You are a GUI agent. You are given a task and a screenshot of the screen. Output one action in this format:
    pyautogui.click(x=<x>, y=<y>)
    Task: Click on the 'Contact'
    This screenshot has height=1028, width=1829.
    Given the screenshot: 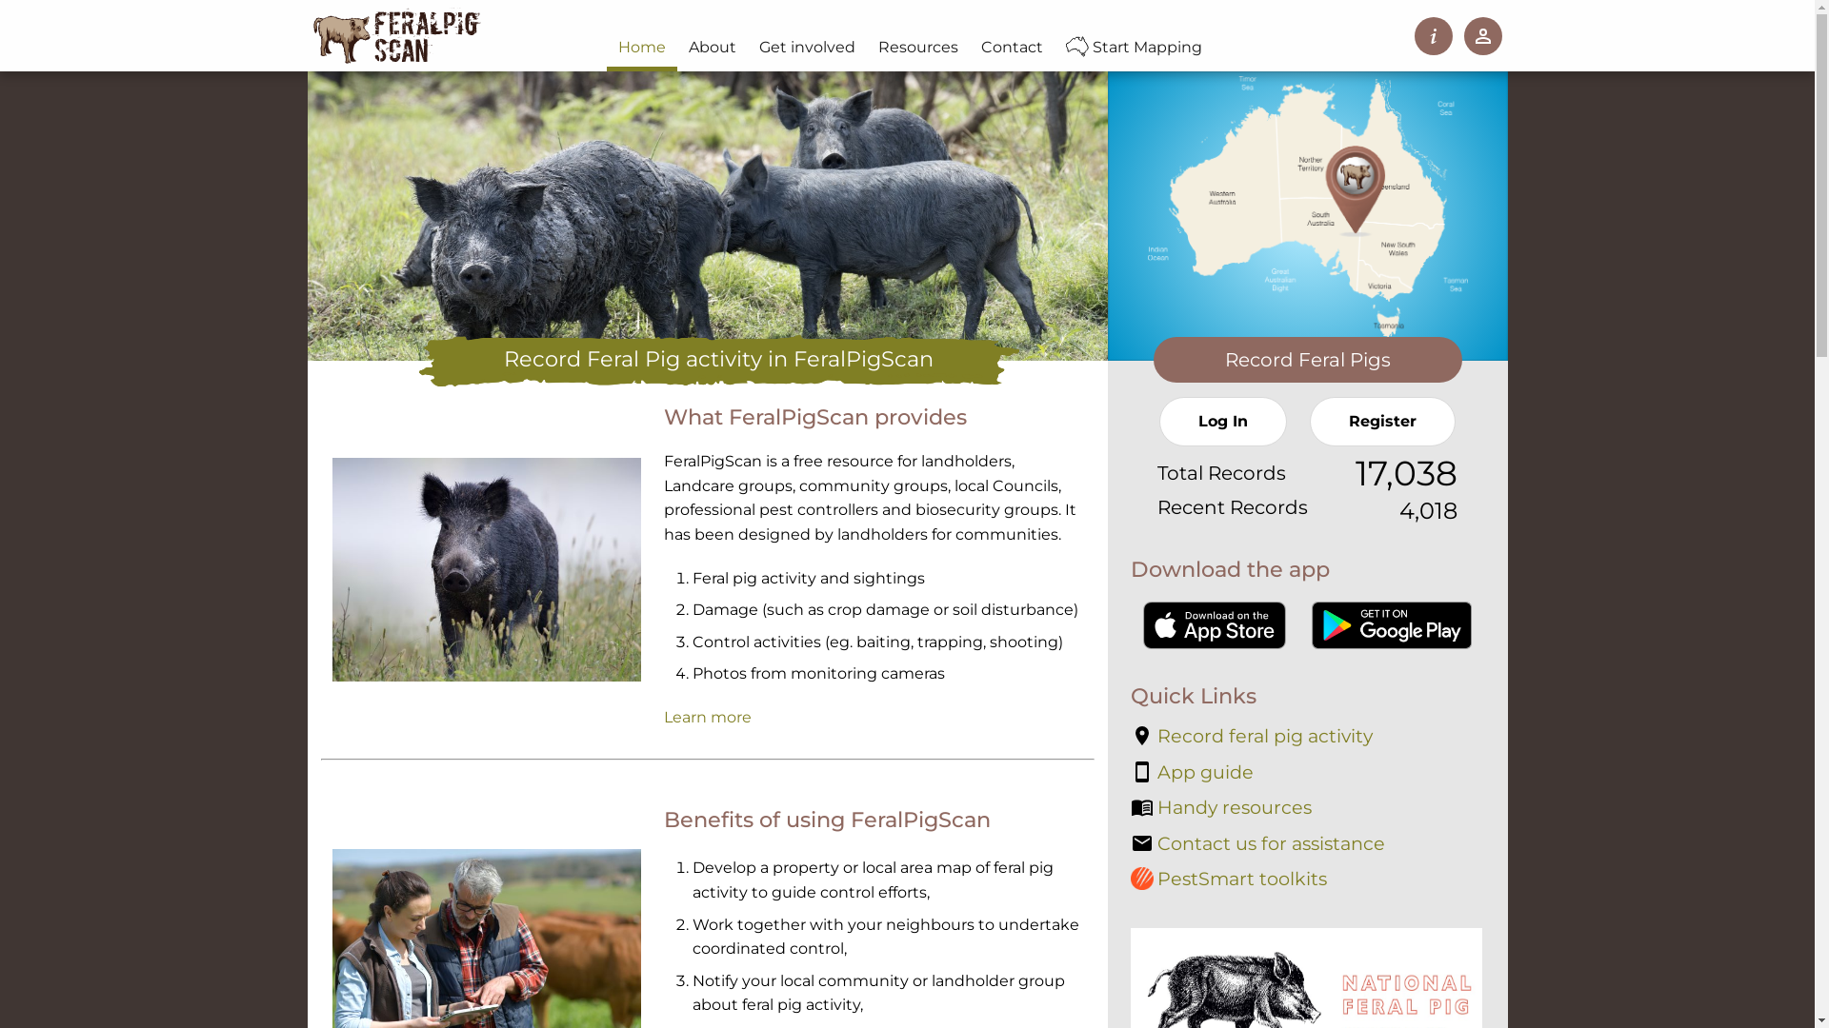 What is the action you would take?
    pyautogui.click(x=1011, y=47)
    